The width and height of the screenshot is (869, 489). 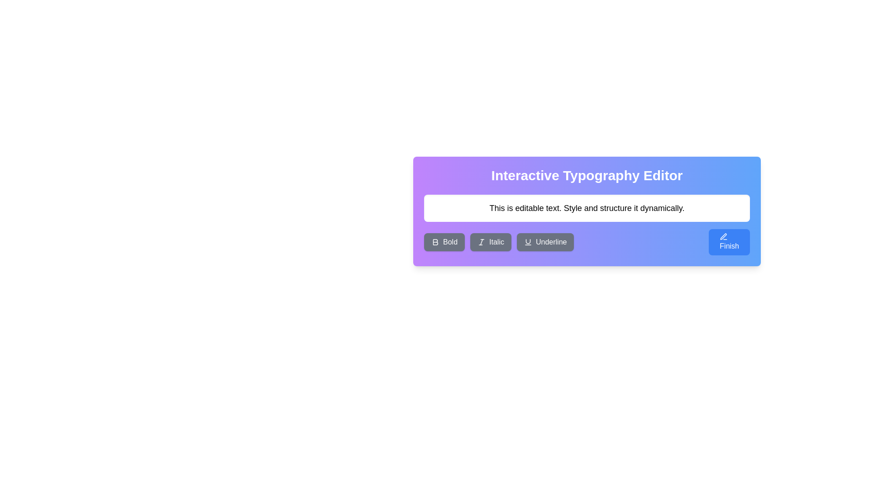 What do you see at coordinates (435, 242) in the screenshot?
I see `the bold text icon located in the leftmost 'Bold' button of the text editing toolbar` at bounding box center [435, 242].